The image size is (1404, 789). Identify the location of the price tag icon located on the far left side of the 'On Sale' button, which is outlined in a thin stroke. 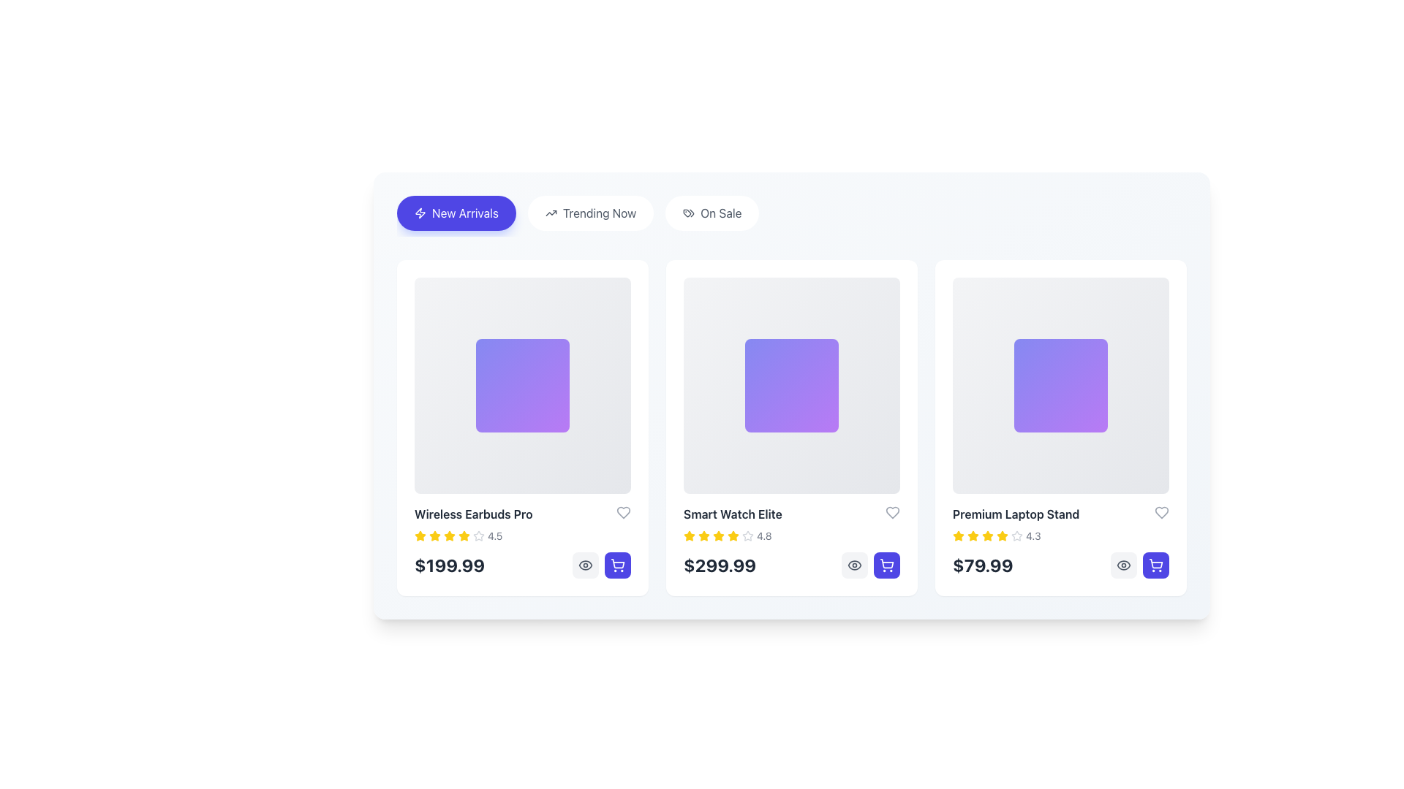
(688, 213).